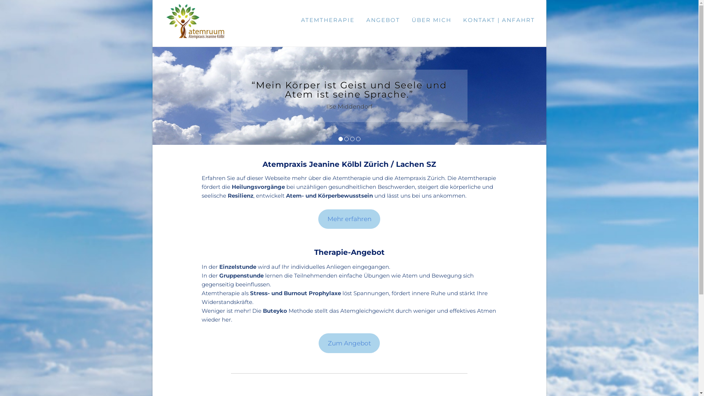 This screenshot has width=704, height=396. What do you see at coordinates (349, 219) in the screenshot?
I see `'Mehr erfahren'` at bounding box center [349, 219].